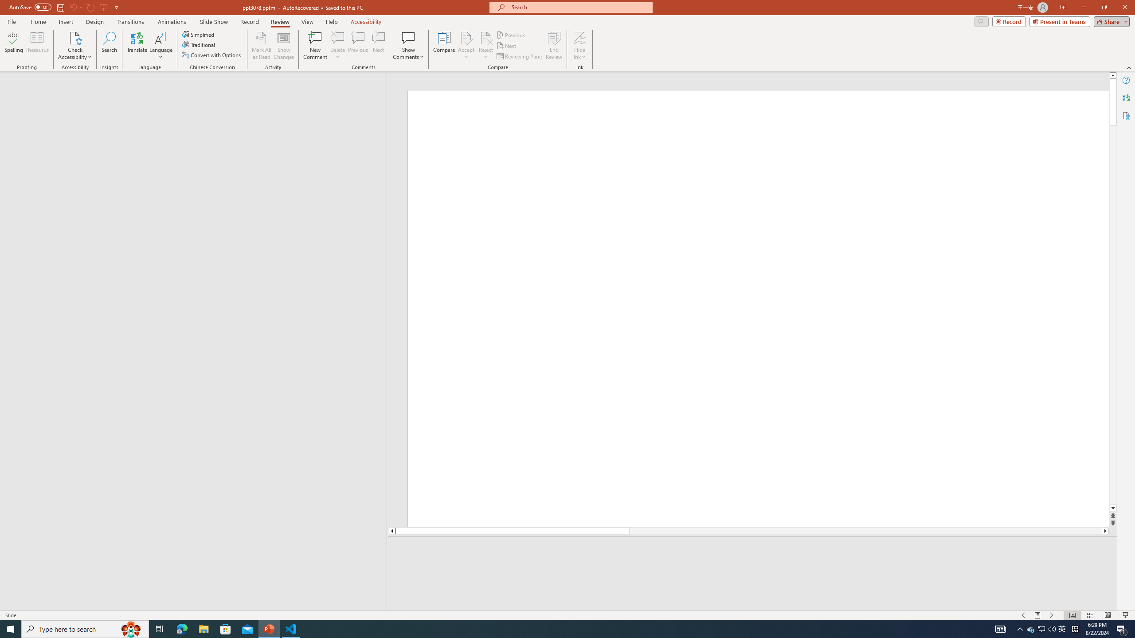 The image size is (1135, 638). Describe the element at coordinates (36, 46) in the screenshot. I see `'Thesaurus...'` at that location.